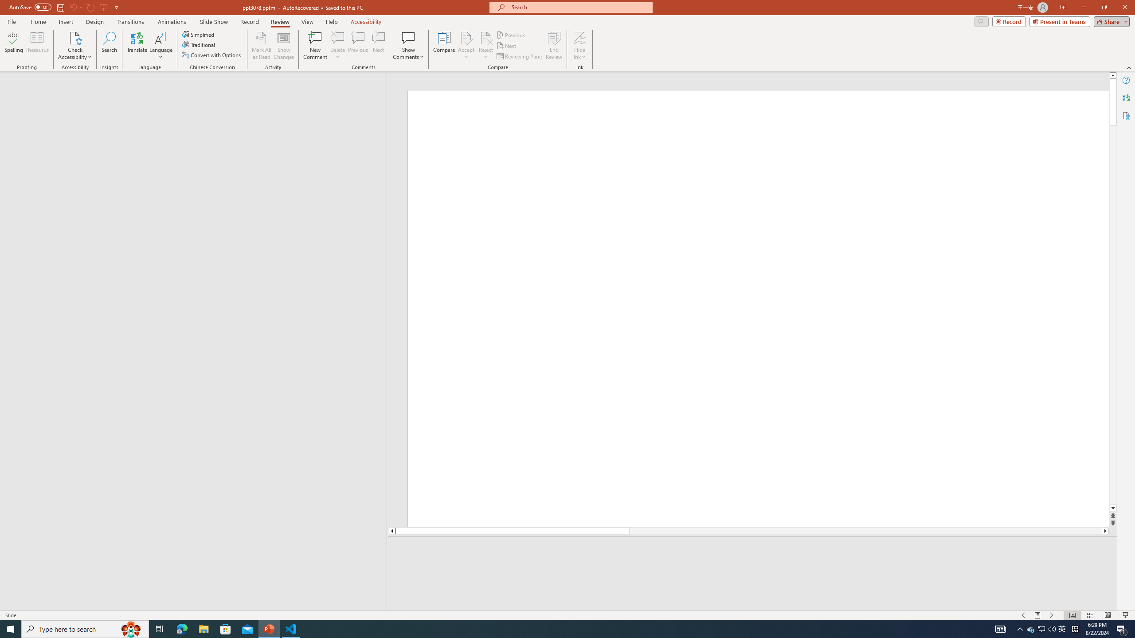 The image size is (1135, 638). Describe the element at coordinates (36, 46) in the screenshot. I see `'Thesaurus...'` at that location.